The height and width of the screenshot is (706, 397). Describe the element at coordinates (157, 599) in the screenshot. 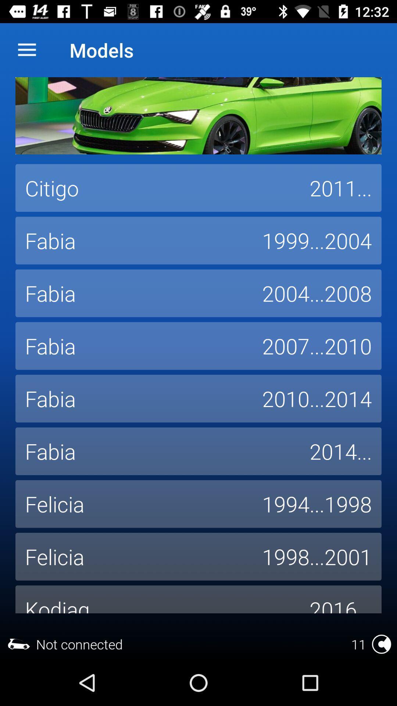

I see `the icon next to 2016... icon` at that location.